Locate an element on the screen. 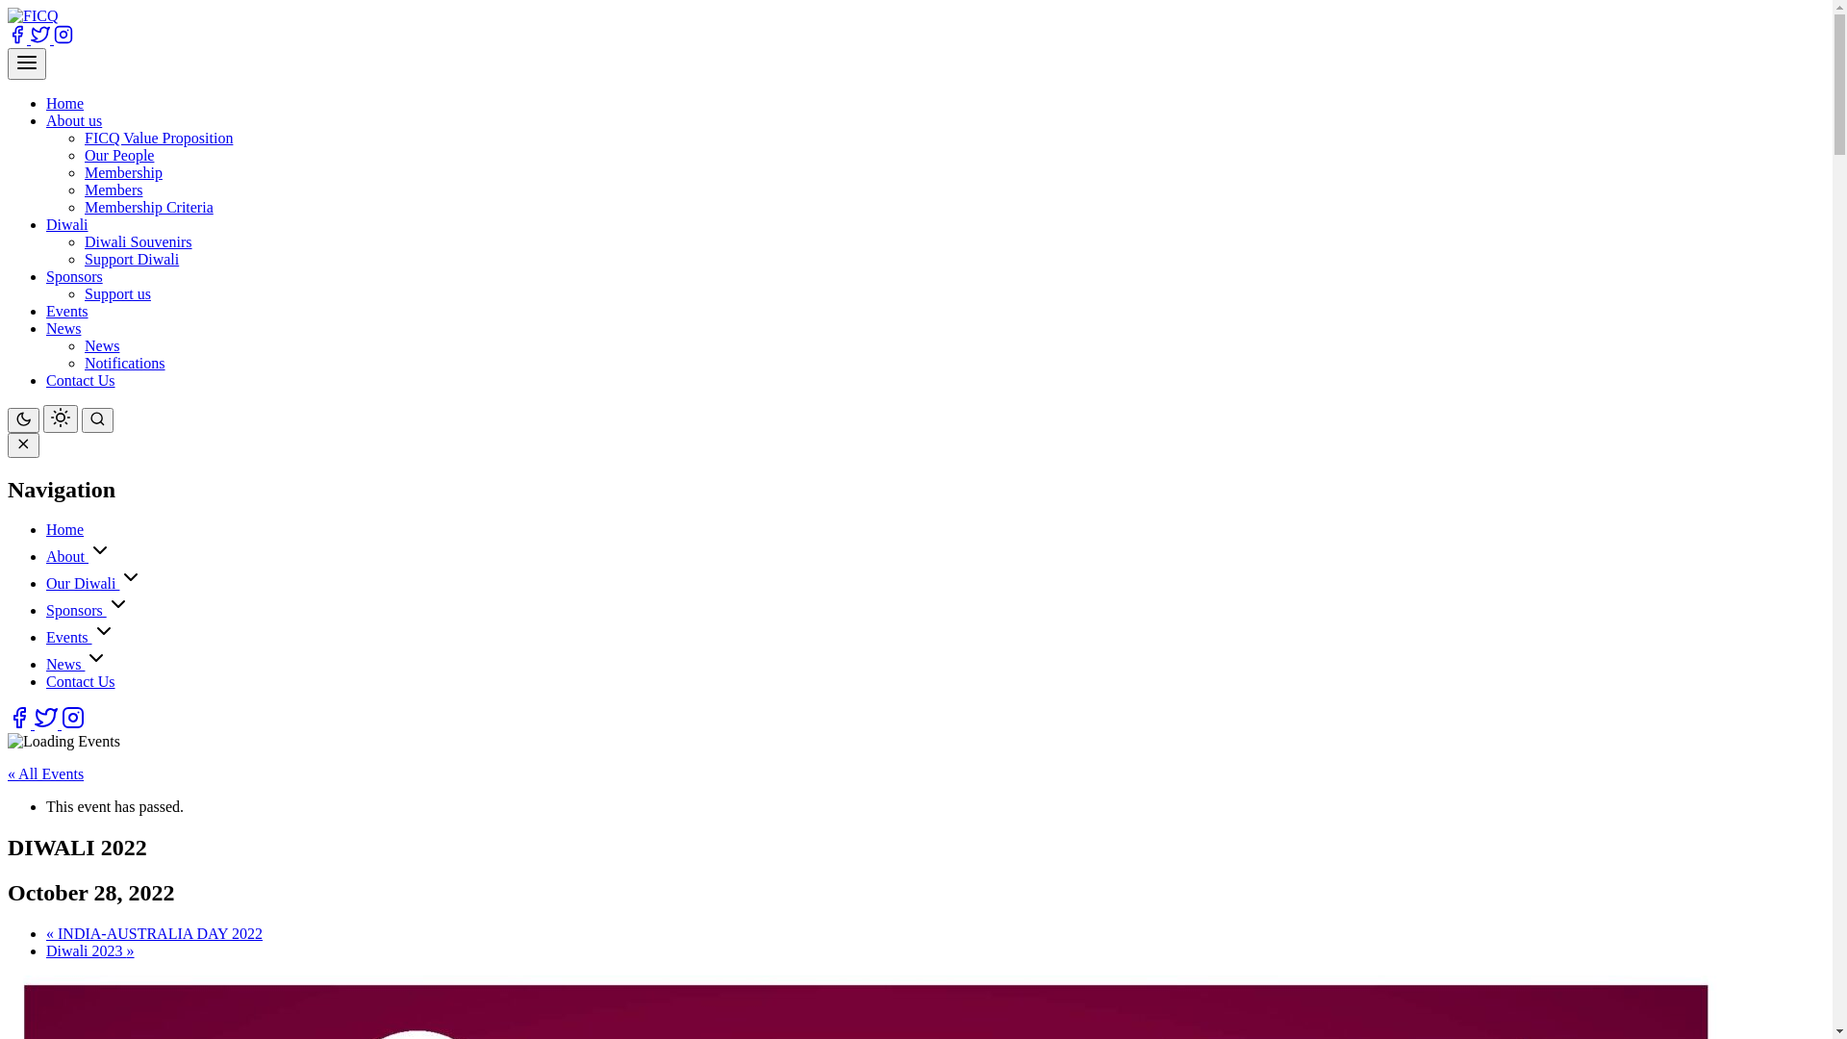 The width and height of the screenshot is (1847, 1039). 'About' is located at coordinates (67, 556).